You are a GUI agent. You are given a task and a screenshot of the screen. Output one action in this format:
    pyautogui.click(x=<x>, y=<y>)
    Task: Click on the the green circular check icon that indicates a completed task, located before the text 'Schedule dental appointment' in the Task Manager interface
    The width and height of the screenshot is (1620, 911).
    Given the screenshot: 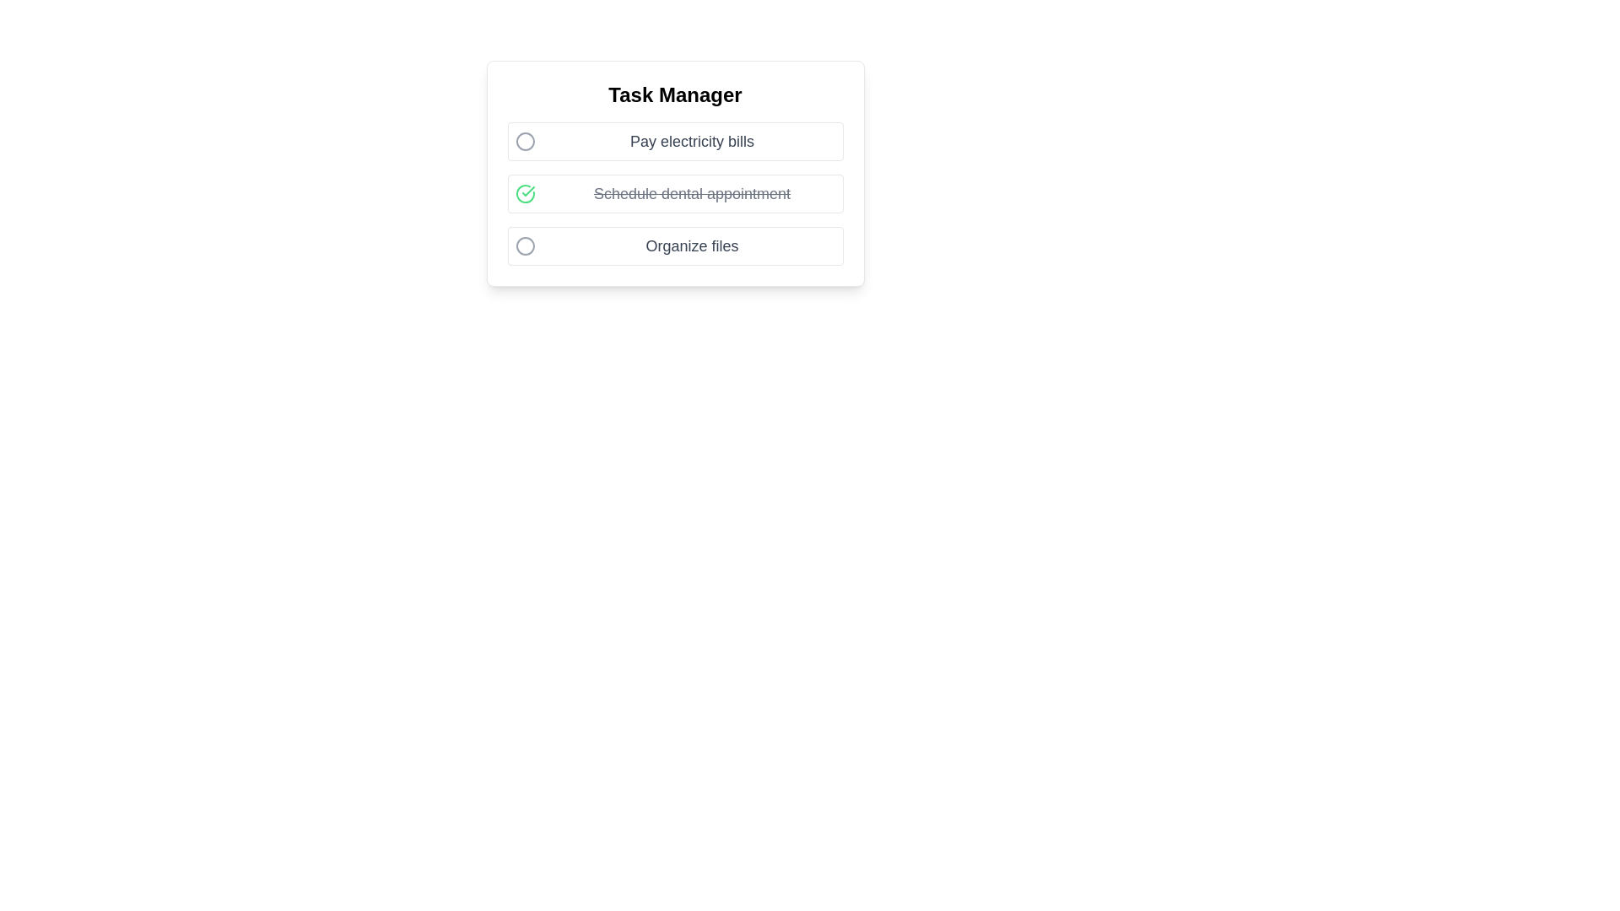 What is the action you would take?
    pyautogui.click(x=524, y=193)
    